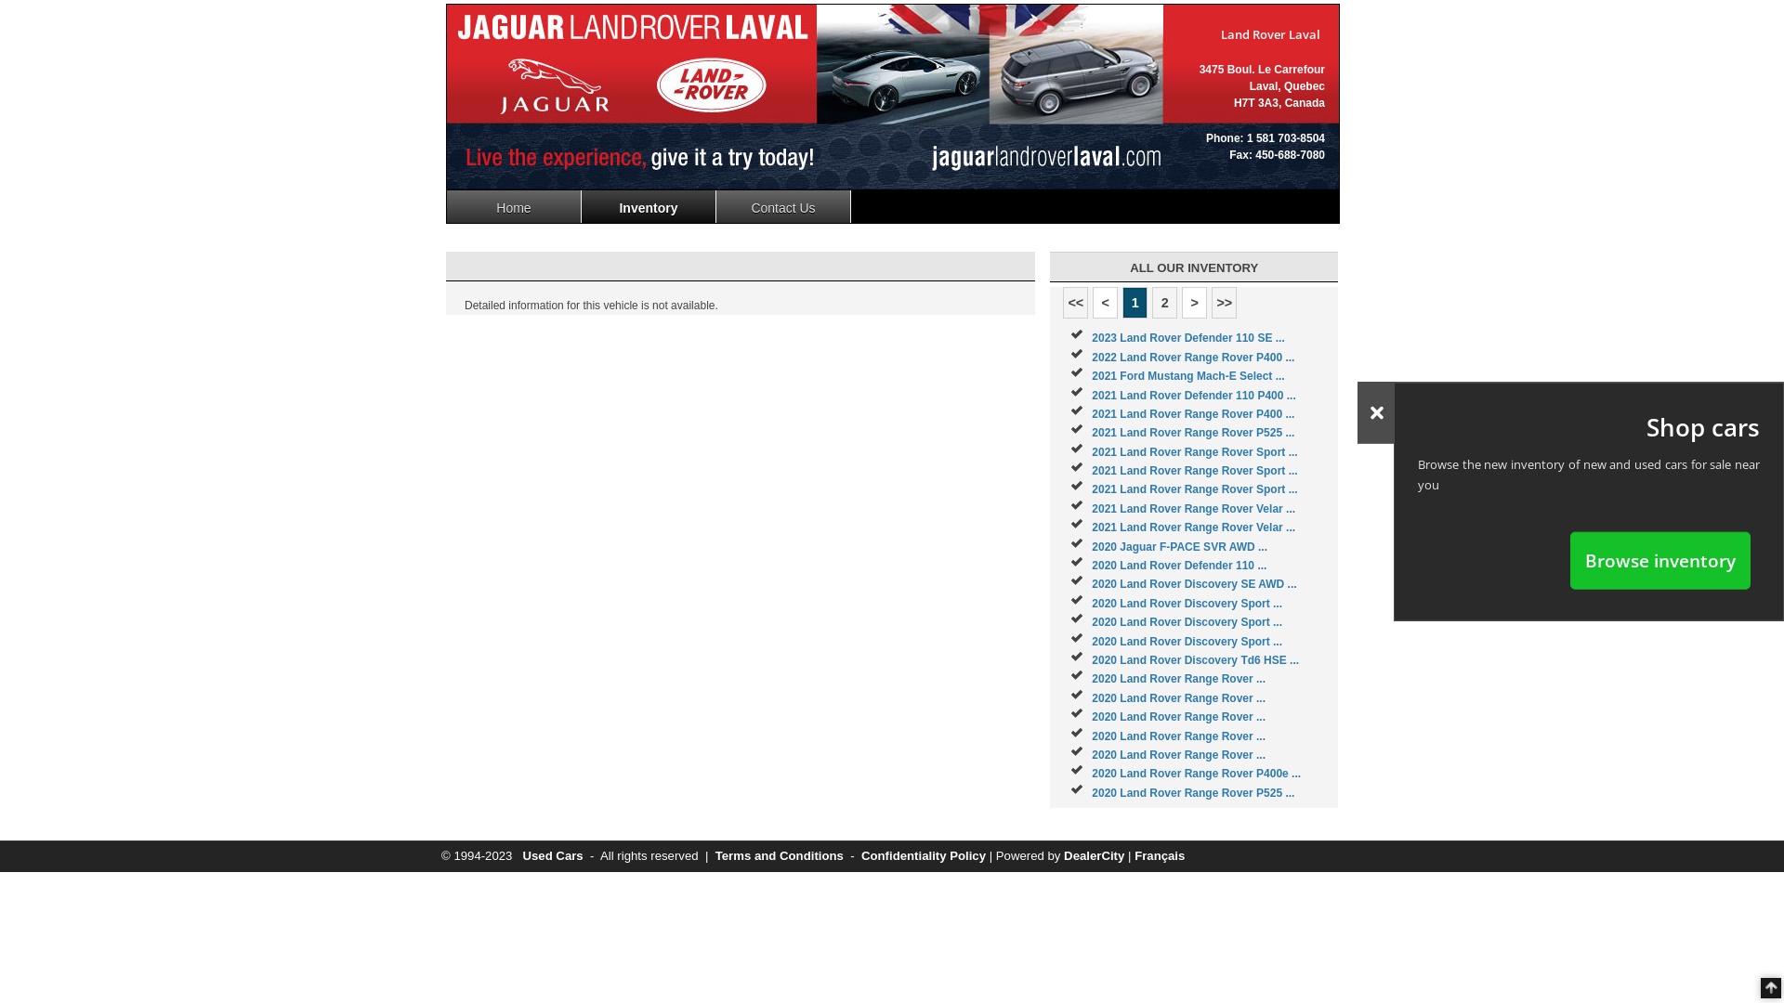 Image resolution: width=1784 pixels, height=1003 pixels. I want to click on '2022 Land Rover Range Rover P400 ...', so click(1092, 358).